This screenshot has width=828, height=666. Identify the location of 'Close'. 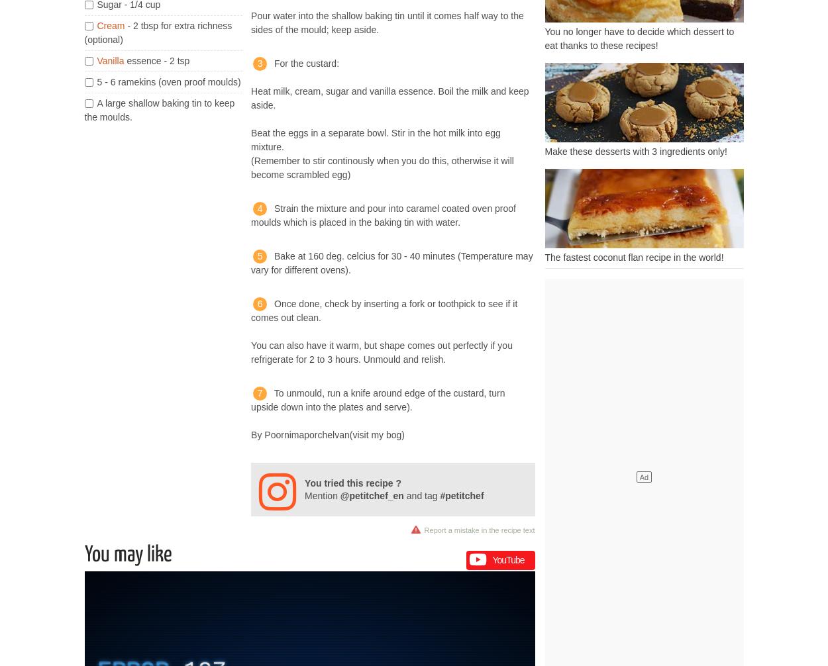
(500, 617).